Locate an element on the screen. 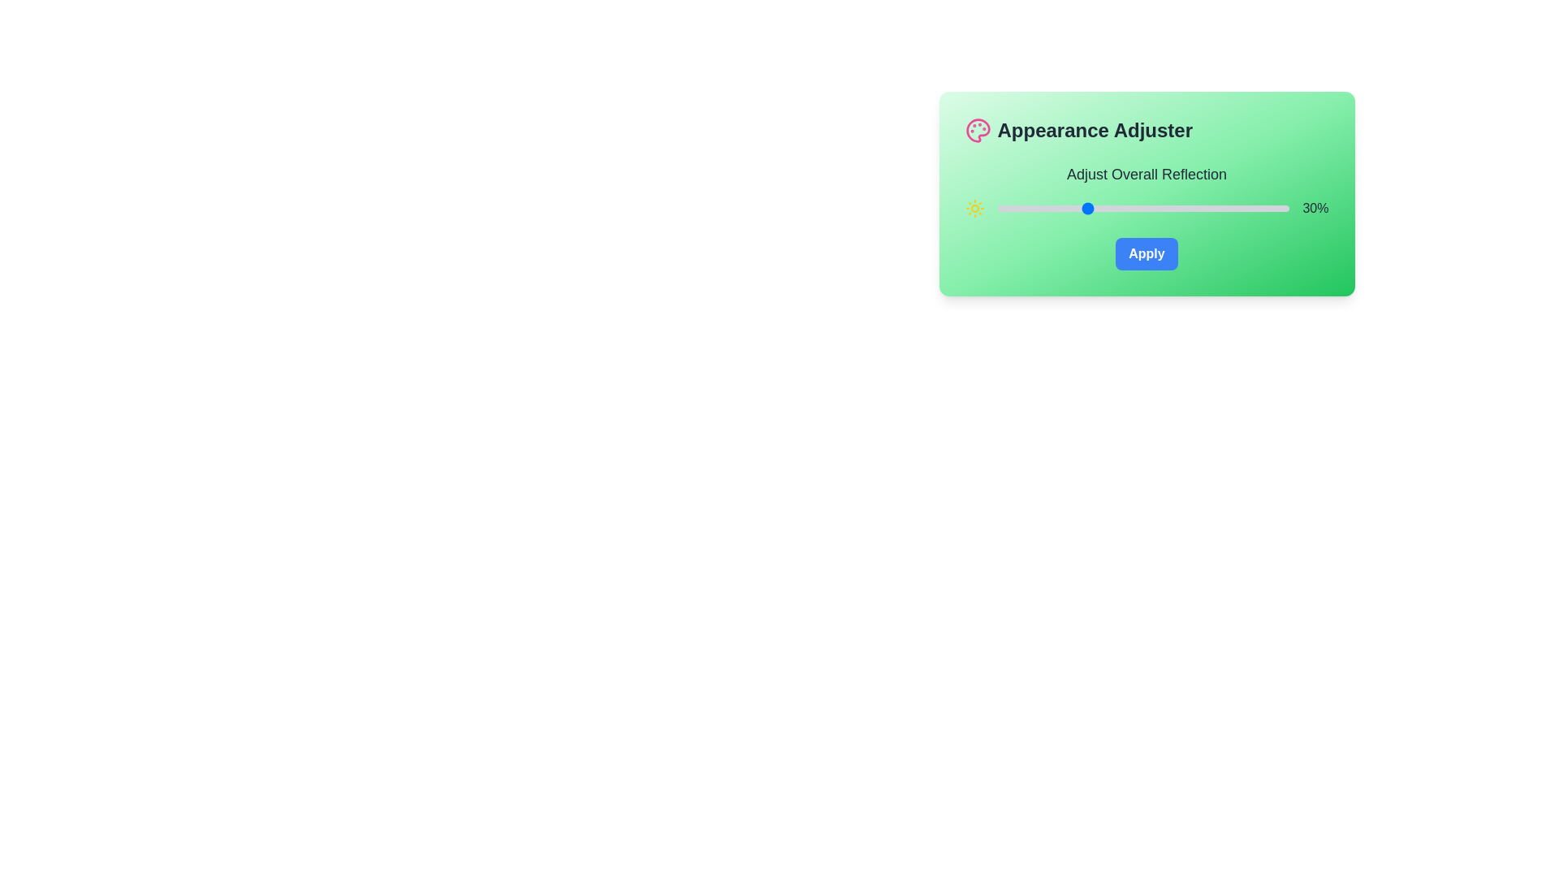 This screenshot has height=877, width=1559. the slider to set the reflection value to 53 is located at coordinates (1151, 208).